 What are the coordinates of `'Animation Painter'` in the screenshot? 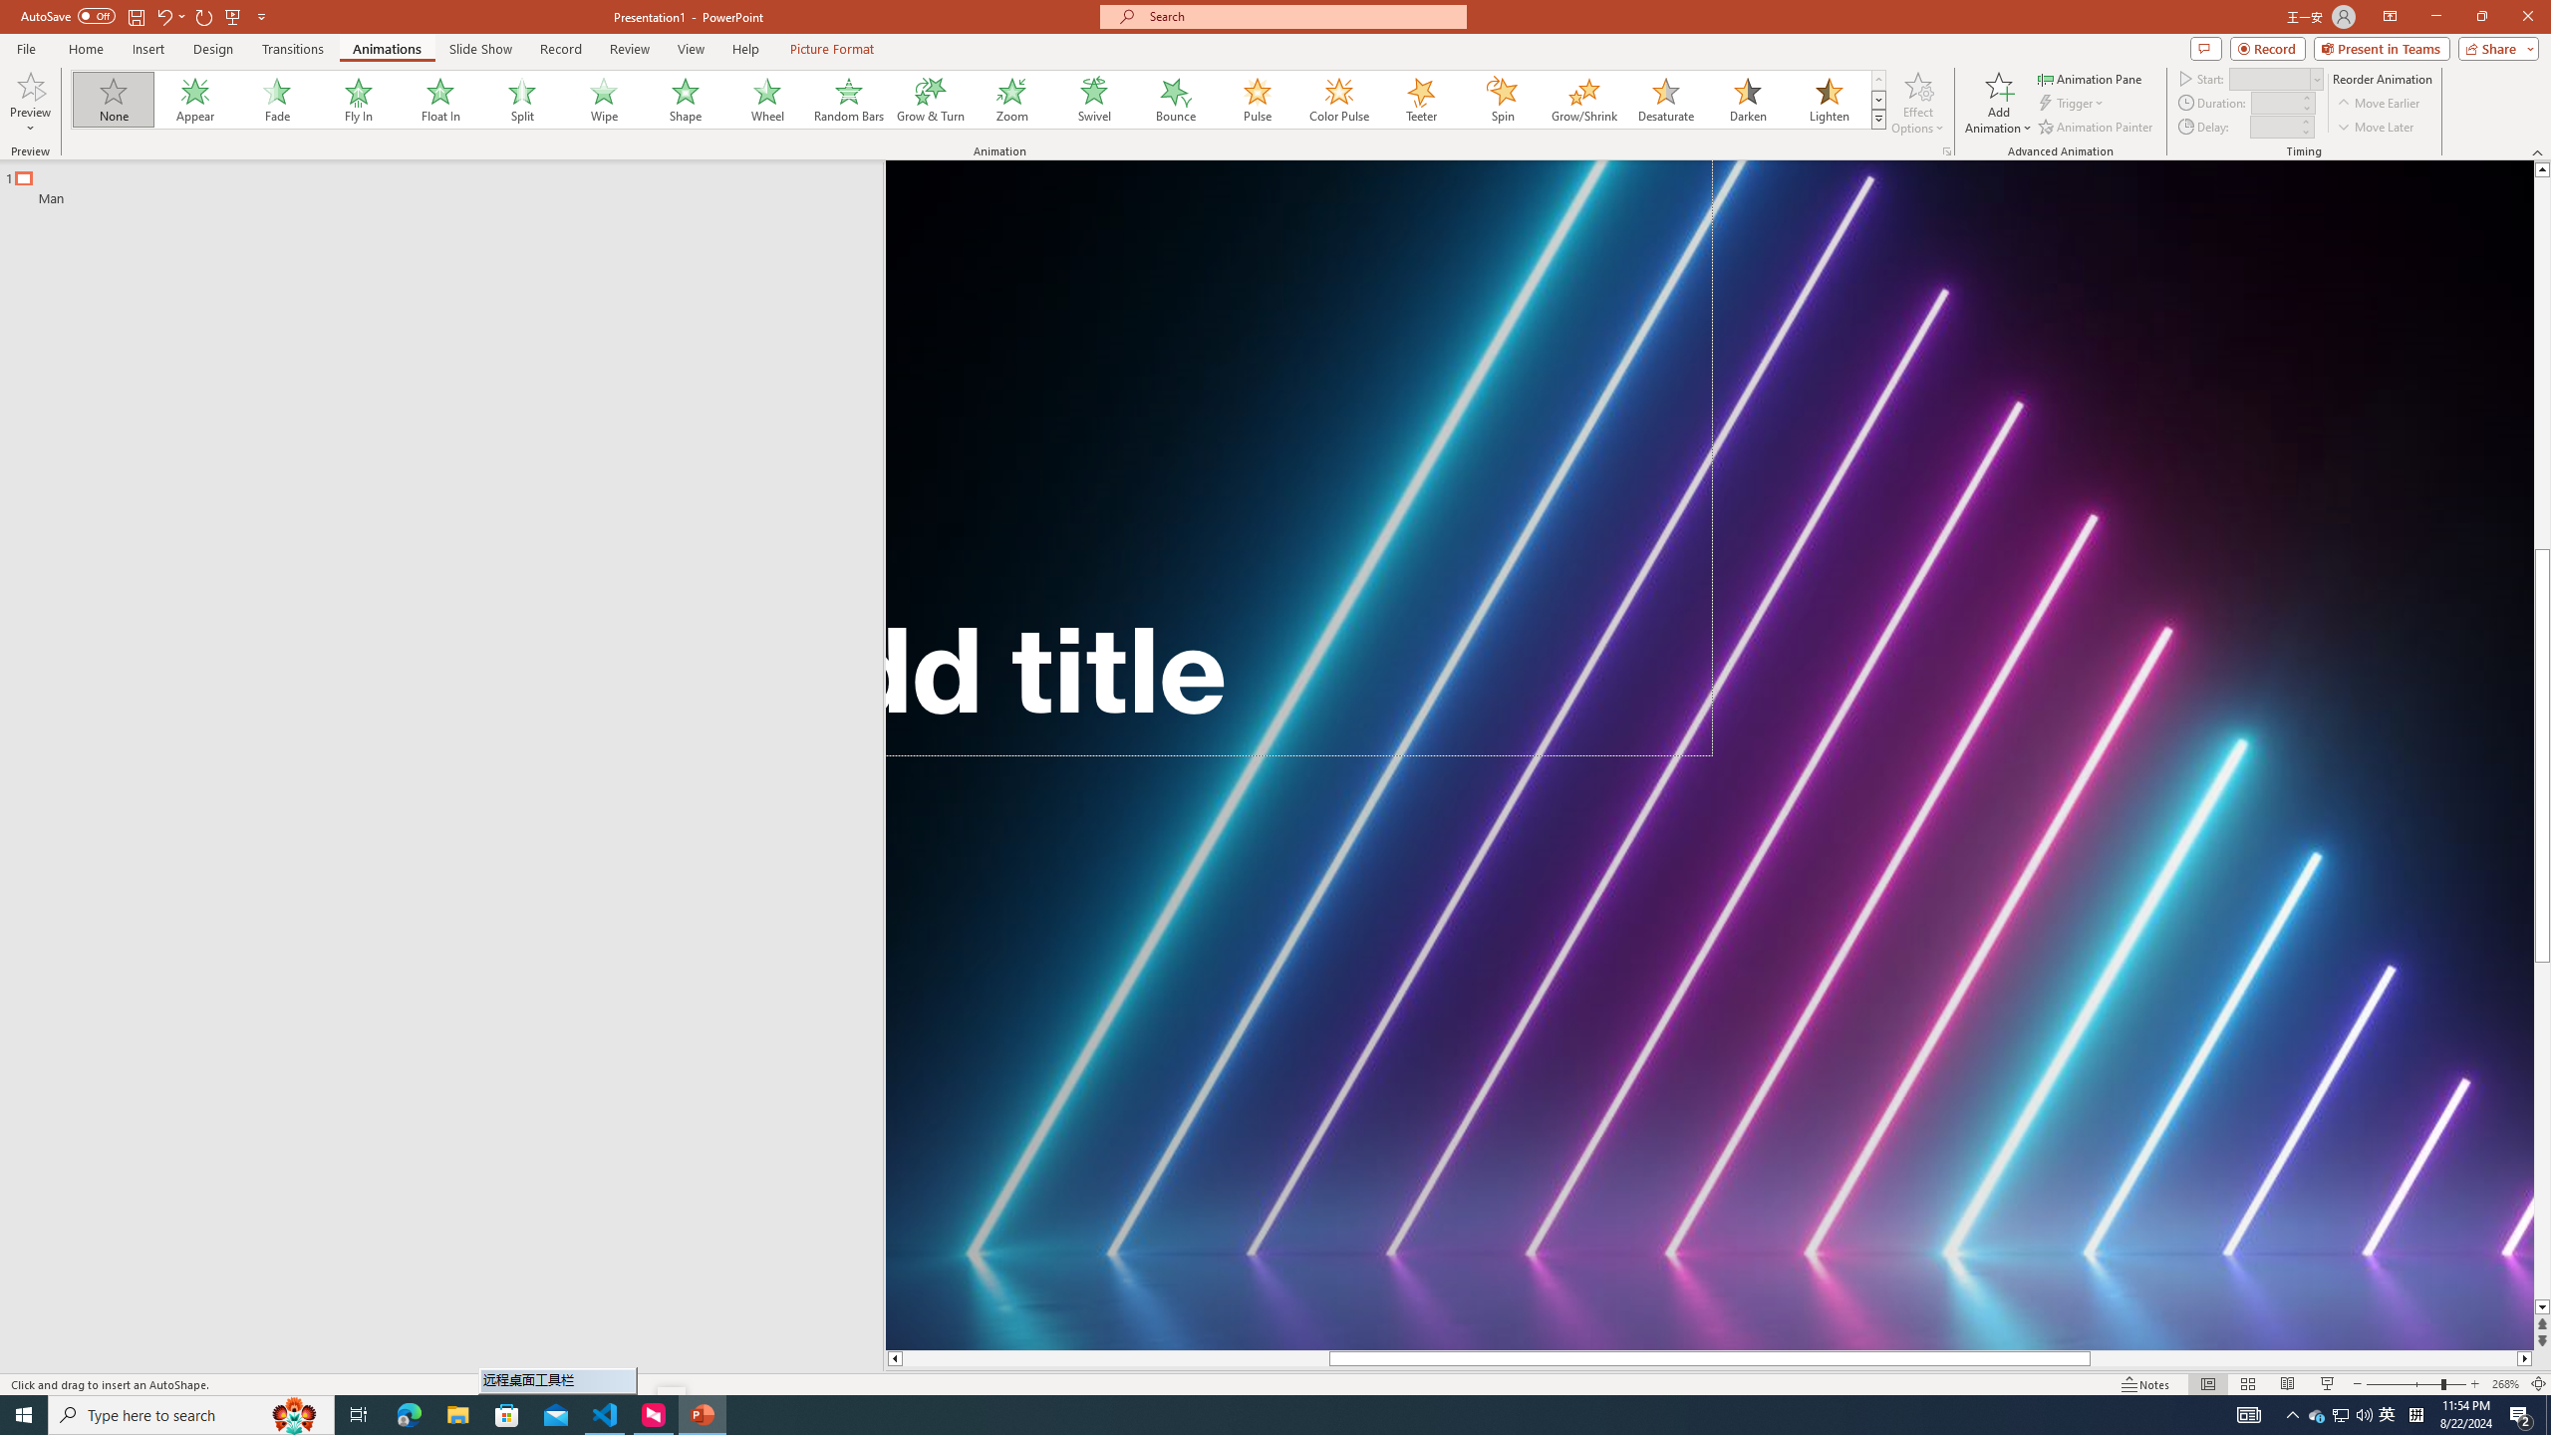 It's located at (2096, 127).